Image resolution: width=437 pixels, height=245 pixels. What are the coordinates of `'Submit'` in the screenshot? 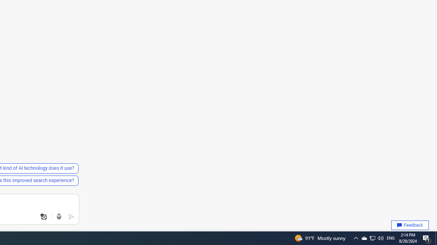 It's located at (71, 217).